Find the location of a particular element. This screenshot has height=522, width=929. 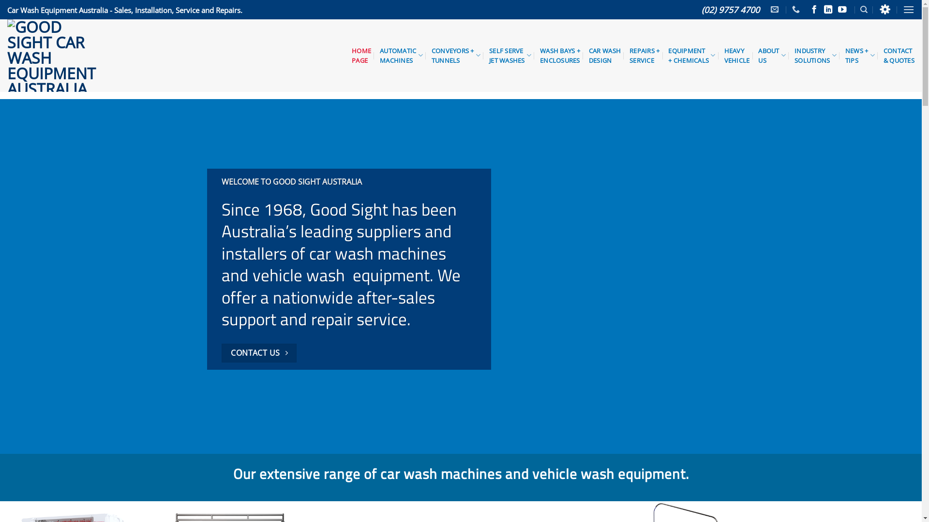

'HEAVY is located at coordinates (736, 56).